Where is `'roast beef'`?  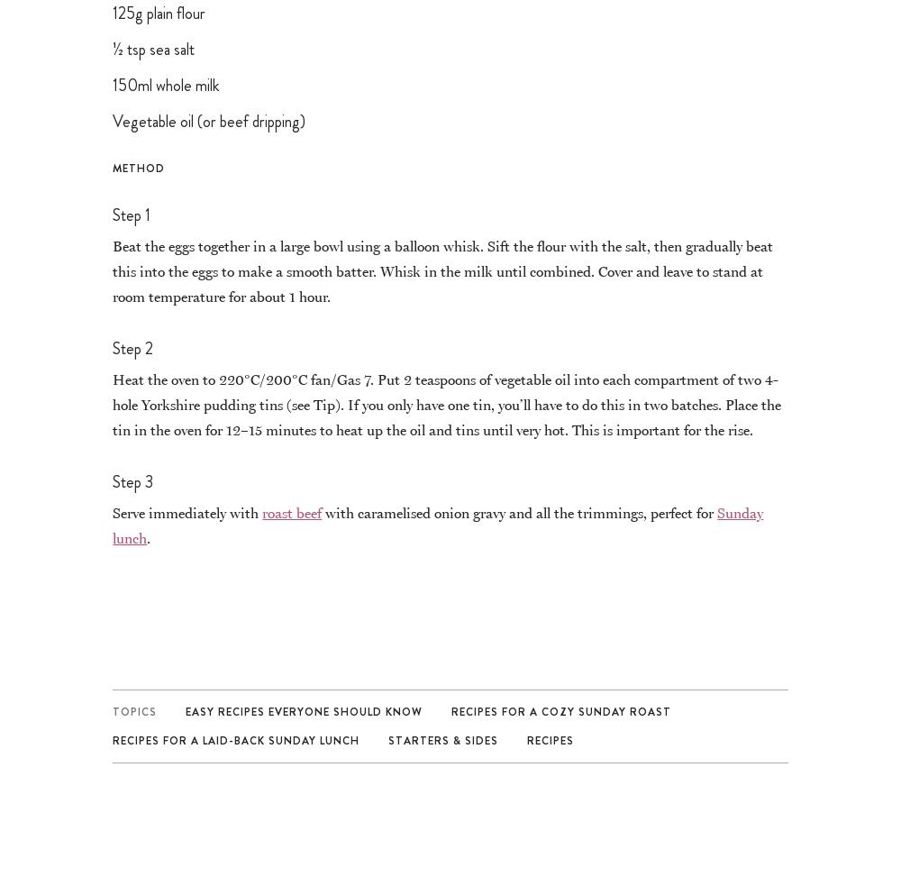 'roast beef' is located at coordinates (291, 511).